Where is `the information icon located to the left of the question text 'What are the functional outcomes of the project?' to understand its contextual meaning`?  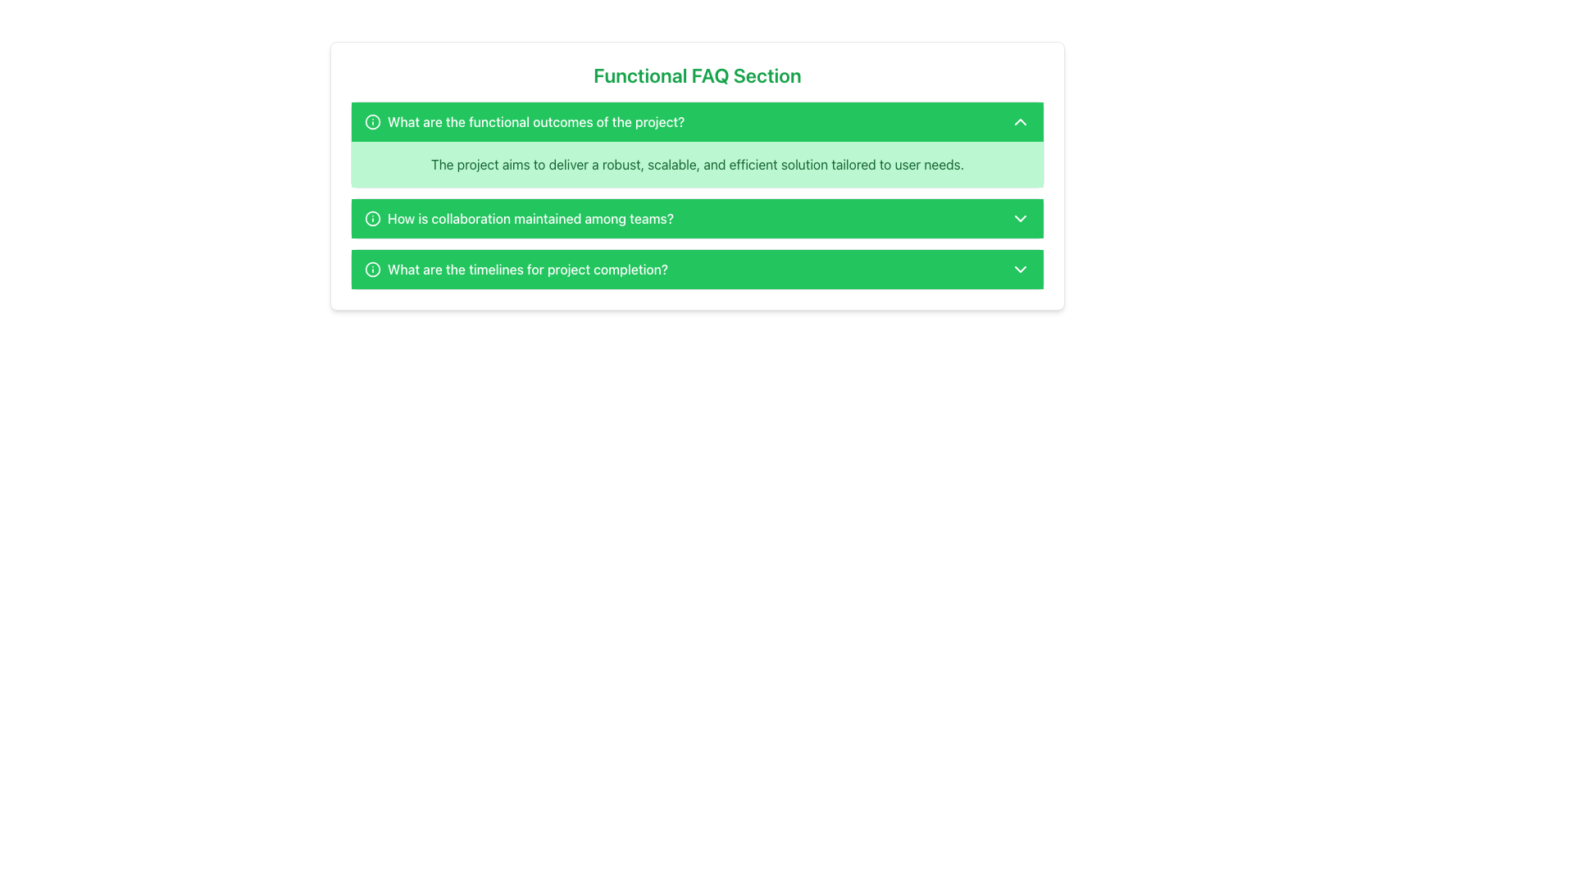
the information icon located to the left of the question text 'What are the functional outcomes of the project?' to understand its contextual meaning is located at coordinates (372, 121).